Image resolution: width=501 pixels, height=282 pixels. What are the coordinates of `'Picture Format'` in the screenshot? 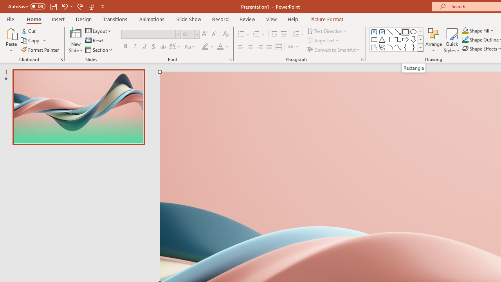 It's located at (327, 19).